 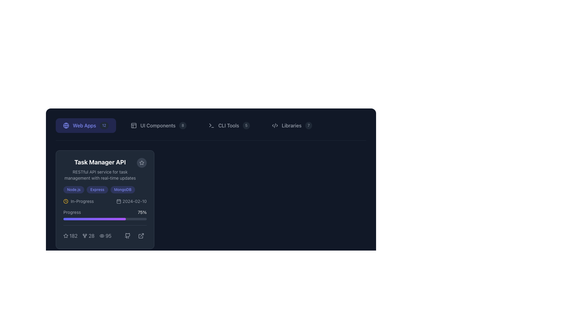 I want to click on the Date display with accompanying icon located in the 'Task Manager API' section, positioned to the right of the label 'In-Progress', so click(x=131, y=201).